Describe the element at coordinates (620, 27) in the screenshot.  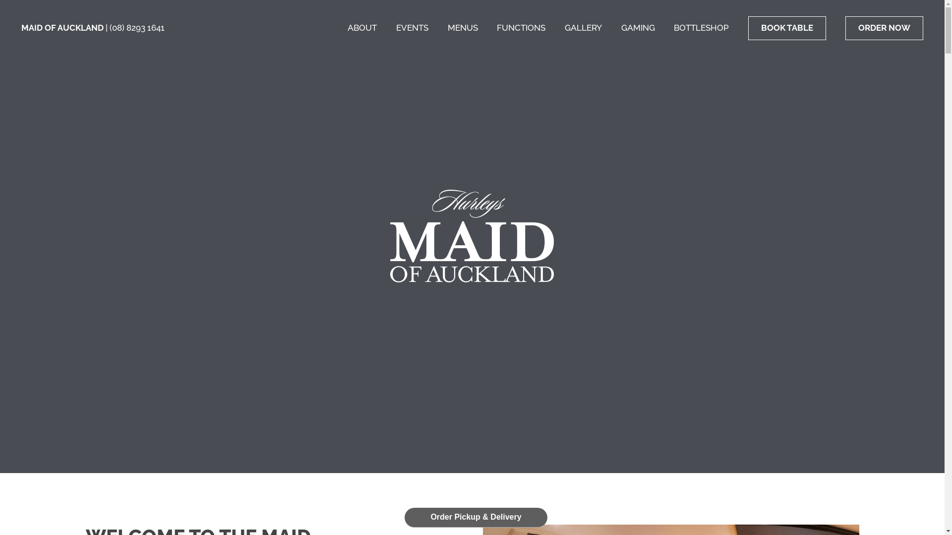
I see `'GAMING'` at that location.